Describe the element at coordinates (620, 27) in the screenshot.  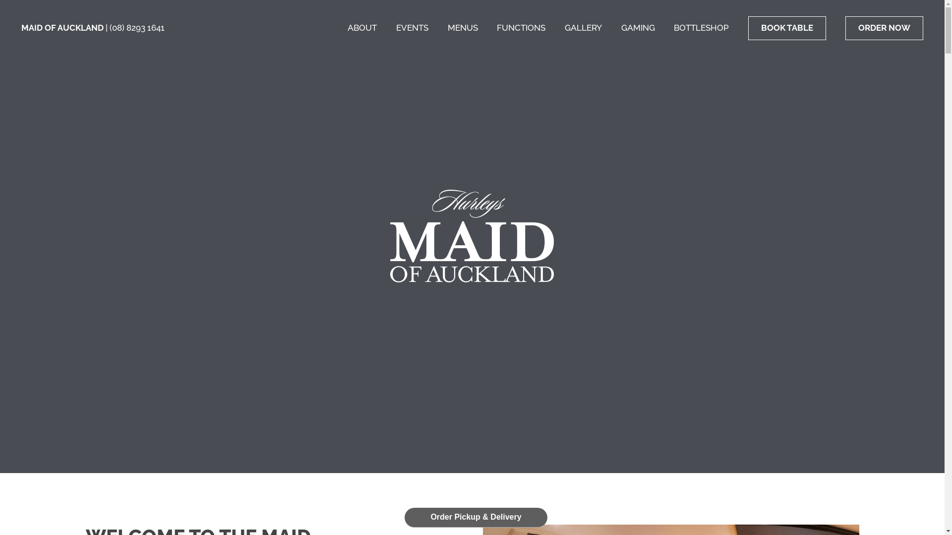
I see `'GAMING'` at that location.